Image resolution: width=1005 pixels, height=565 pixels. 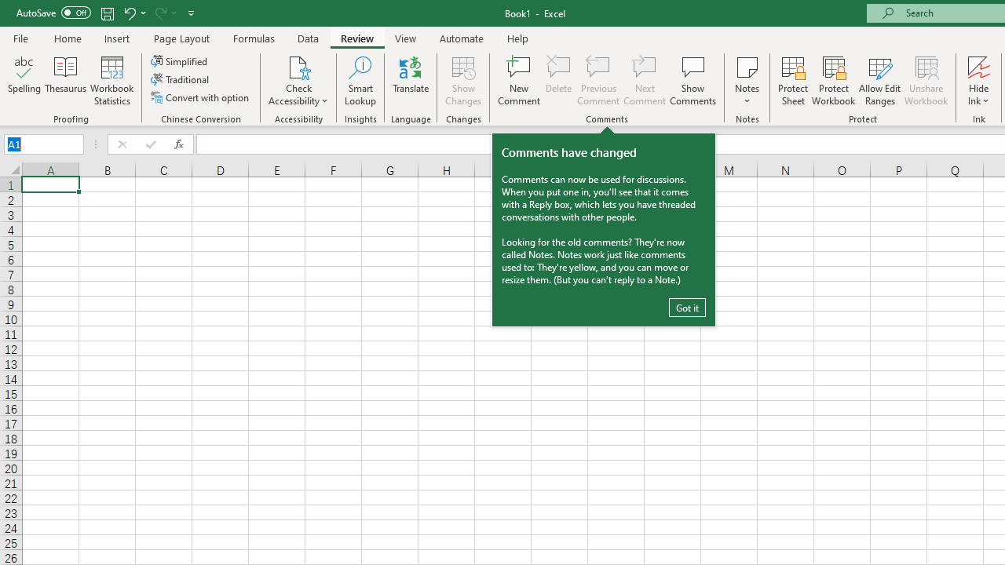 I want to click on 'Spelling...', so click(x=24, y=81).